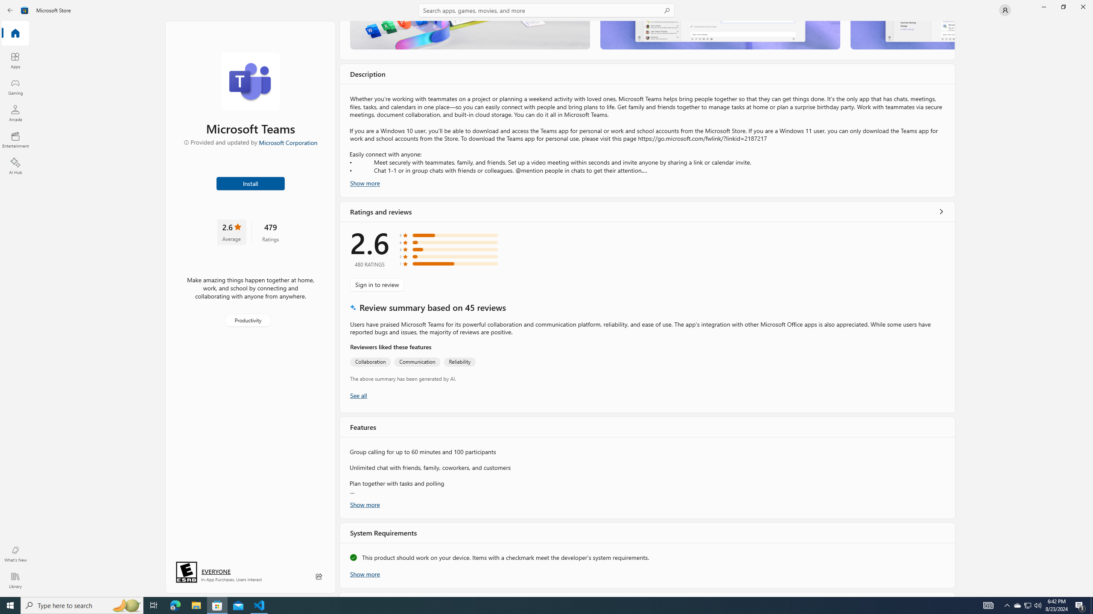  Describe the element at coordinates (902, 35) in the screenshot. I see `'Screenshot 3'` at that location.